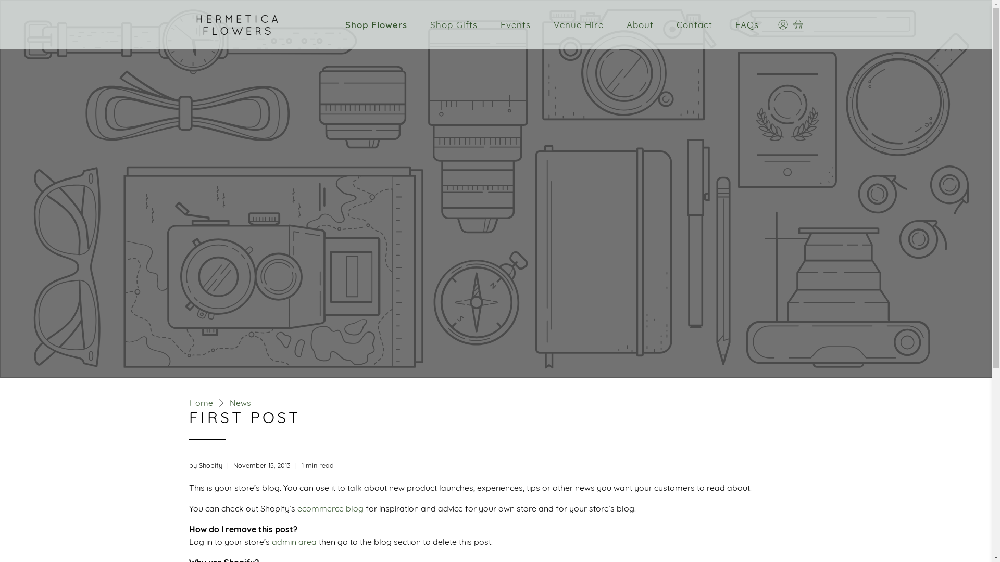 The image size is (1000, 562). What do you see at coordinates (515, 24) in the screenshot?
I see `'Events'` at bounding box center [515, 24].